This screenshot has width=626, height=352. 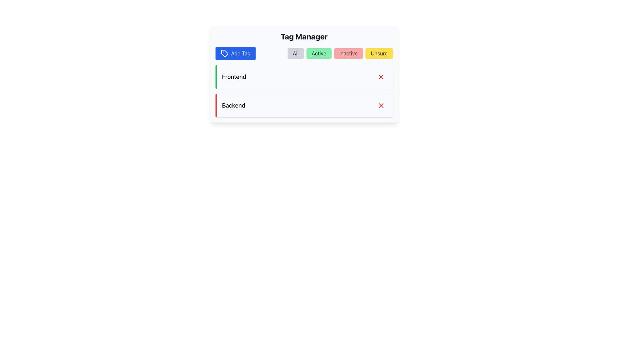 What do you see at coordinates (225, 53) in the screenshot?
I see `the small, blue-colored icon resembling a price tag located within the button labeled 'Add Tag'` at bounding box center [225, 53].